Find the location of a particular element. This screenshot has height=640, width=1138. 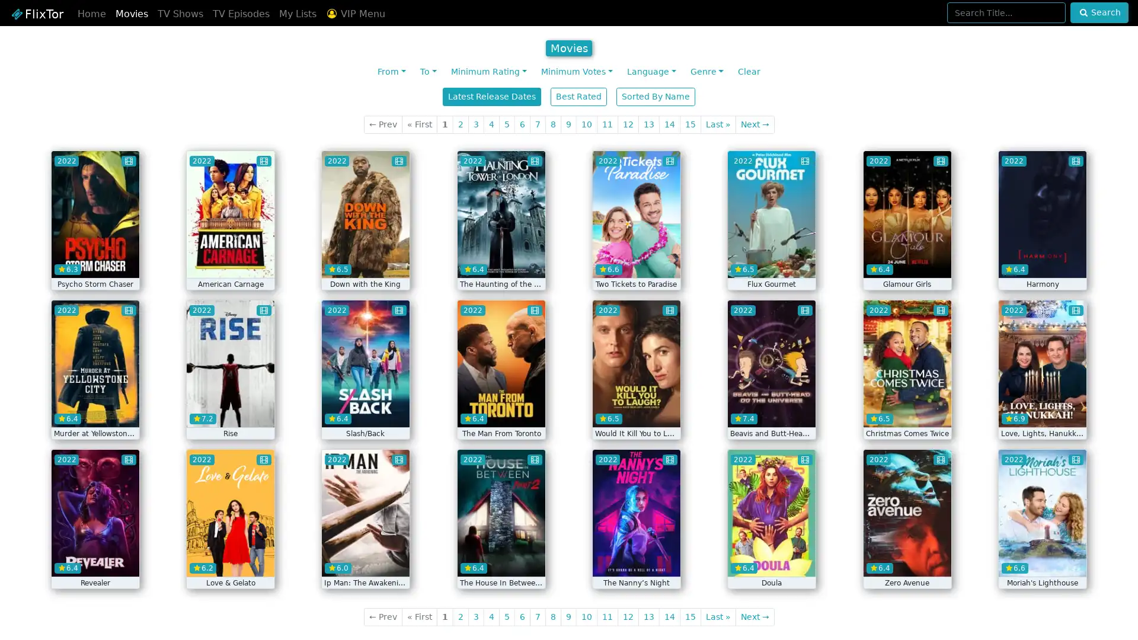

Search is located at coordinates (1098, 12).